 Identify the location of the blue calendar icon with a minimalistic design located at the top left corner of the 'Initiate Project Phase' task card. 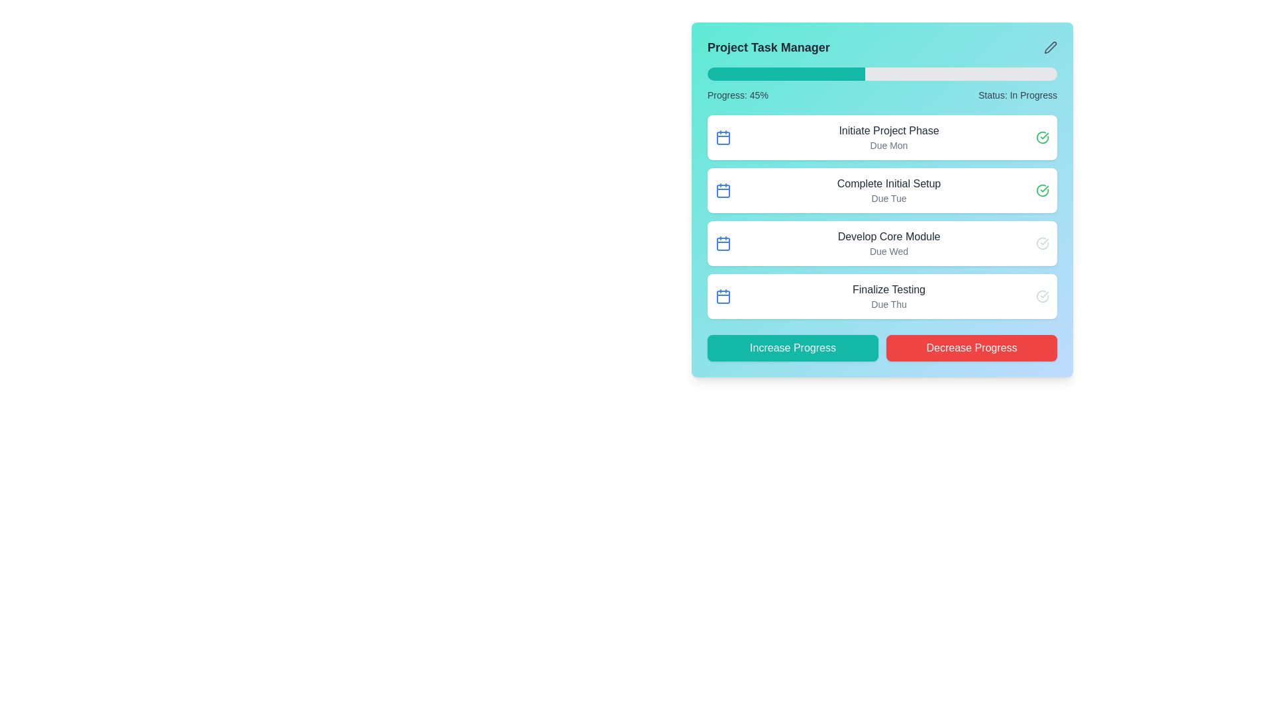
(722, 138).